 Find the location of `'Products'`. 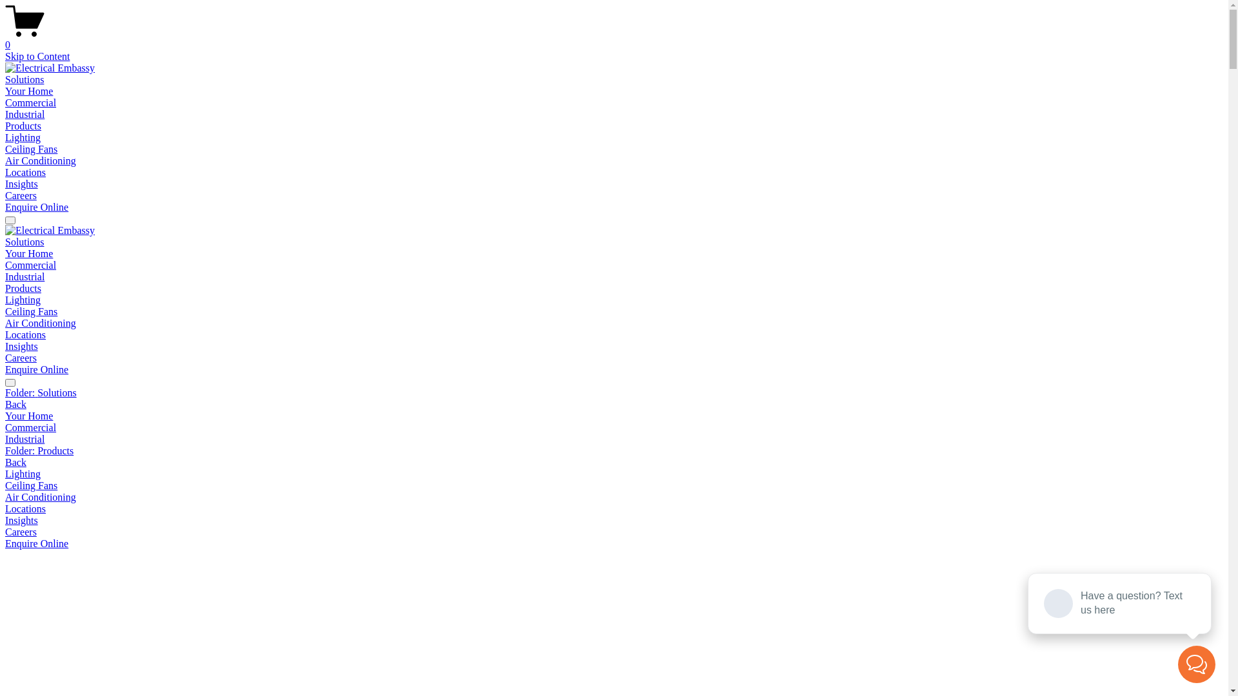

'Products' is located at coordinates (23, 126).